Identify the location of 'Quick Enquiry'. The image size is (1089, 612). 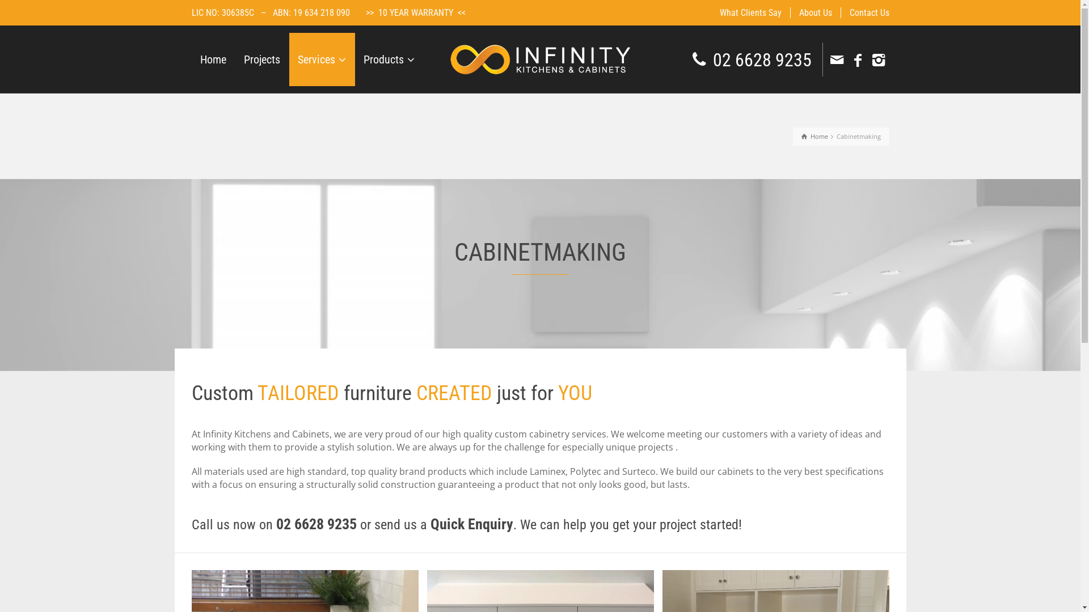
(471, 524).